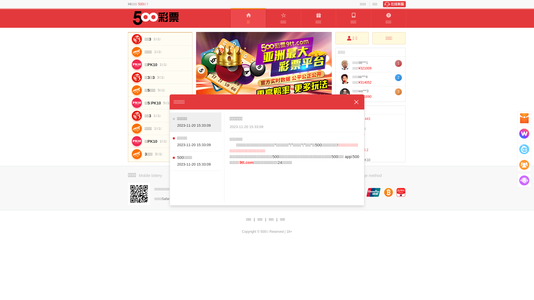 The height and width of the screenshot is (300, 534). I want to click on '|', so click(277, 219).